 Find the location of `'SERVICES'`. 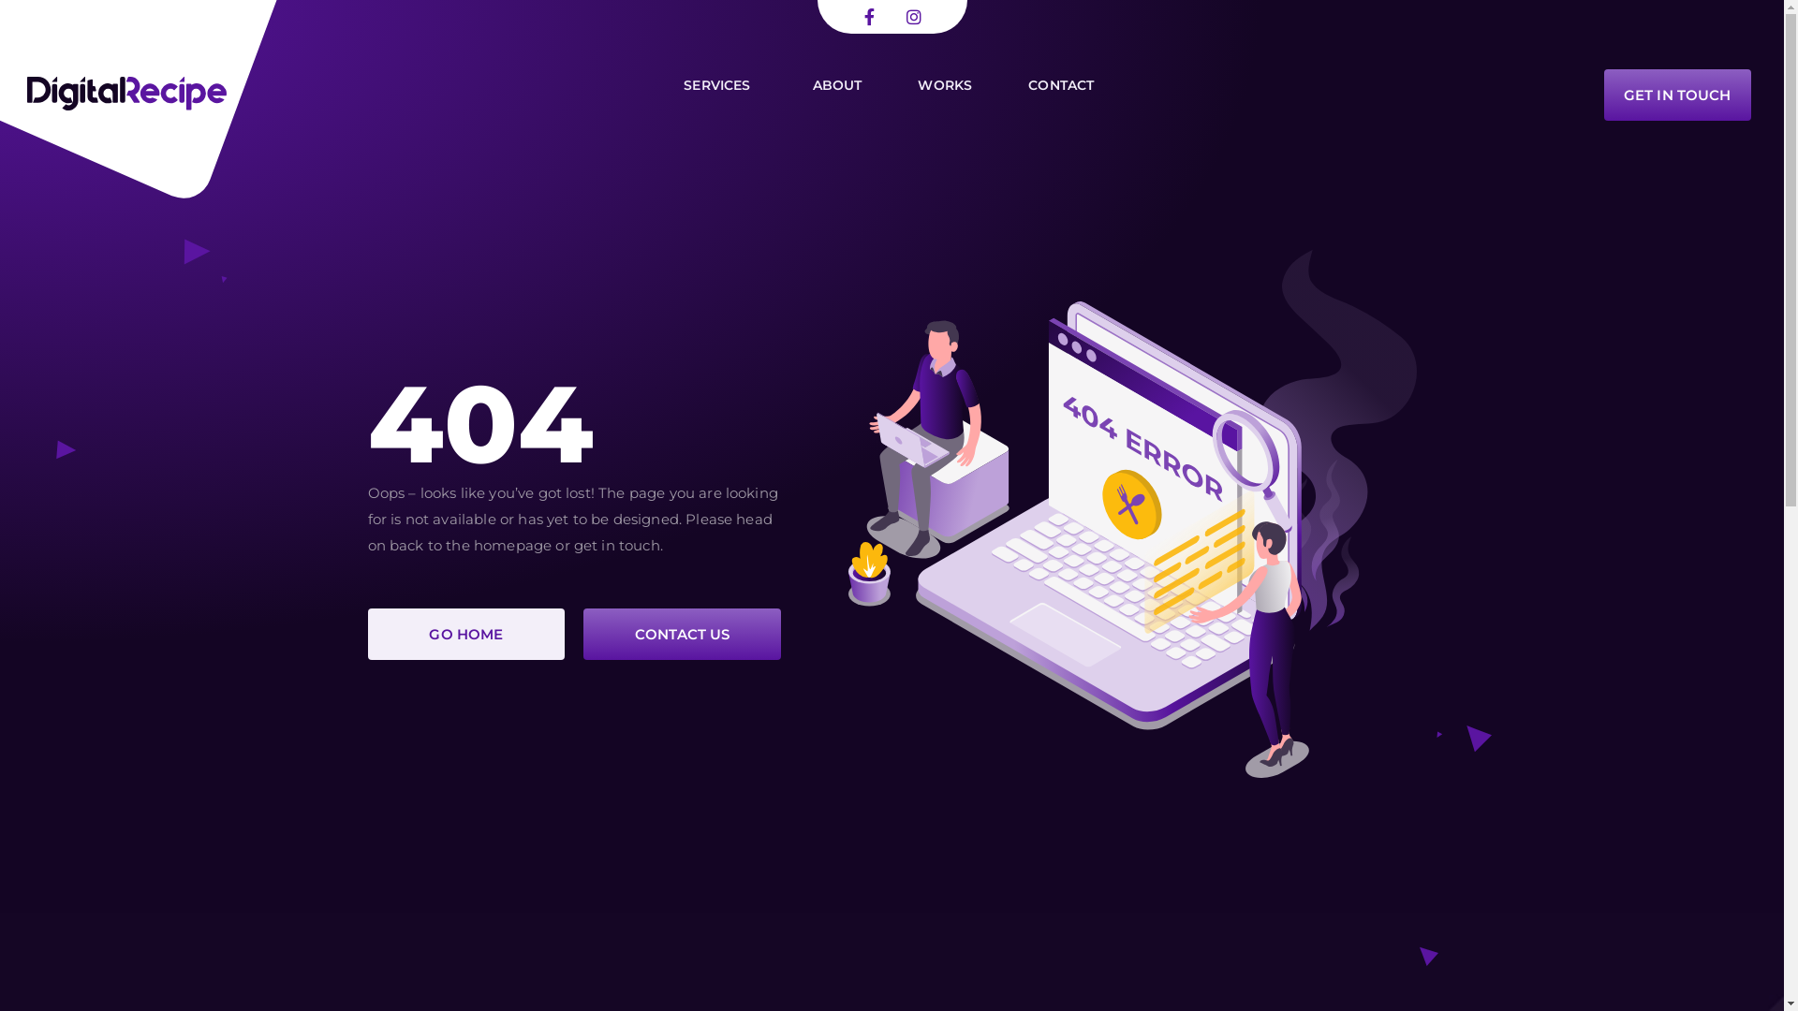

'SERVICES' is located at coordinates (674, 85).